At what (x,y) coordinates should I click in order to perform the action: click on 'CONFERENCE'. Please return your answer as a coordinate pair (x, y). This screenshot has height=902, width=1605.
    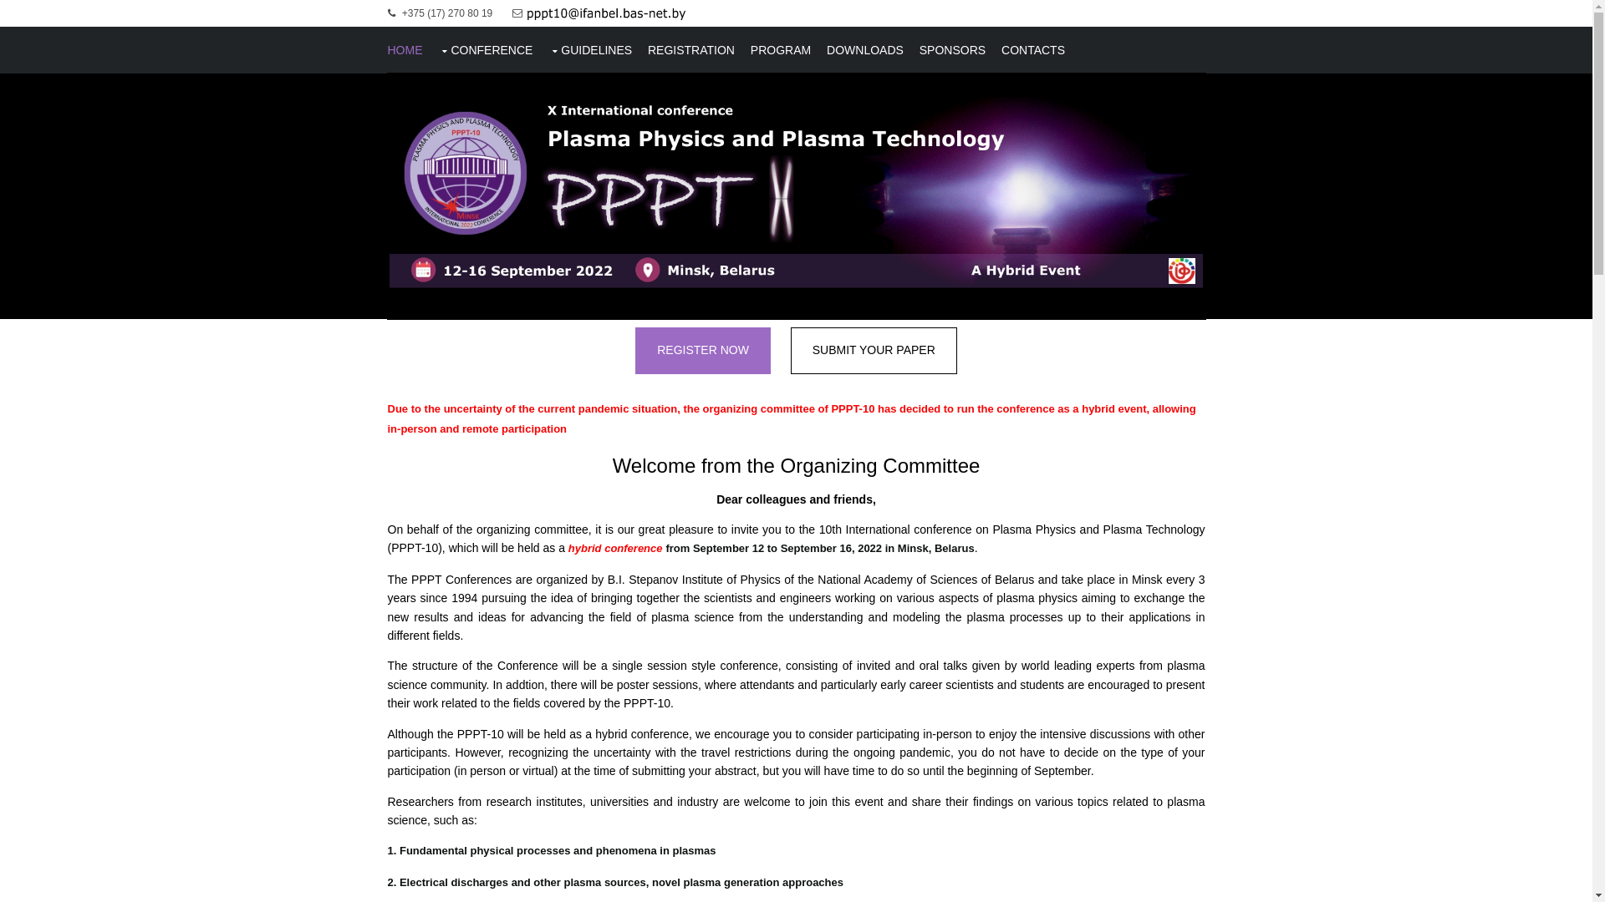
    Looking at the image, I should click on (484, 49).